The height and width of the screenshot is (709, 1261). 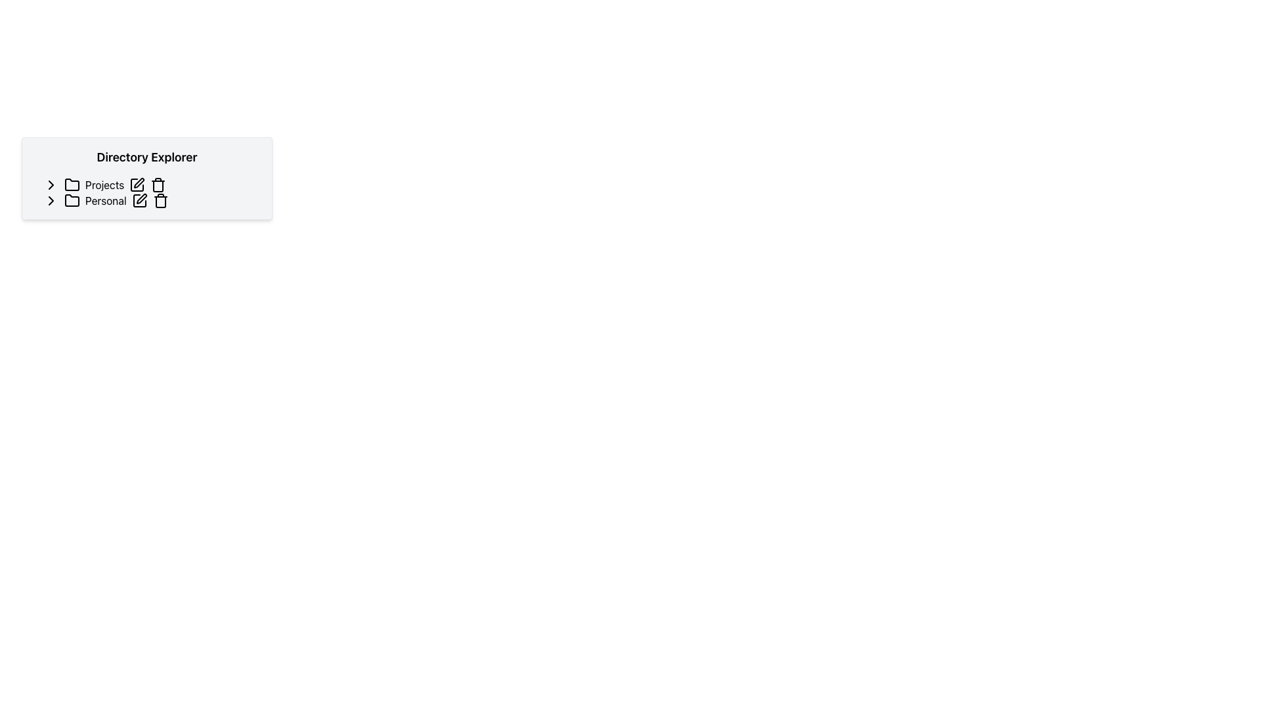 What do you see at coordinates (51, 200) in the screenshot?
I see `the right-facing arrow icon in the 'Directory Explorer' section, located to the left of 'Projects' and 'Personal' entries, which is used for toggling or expanding folder items` at bounding box center [51, 200].